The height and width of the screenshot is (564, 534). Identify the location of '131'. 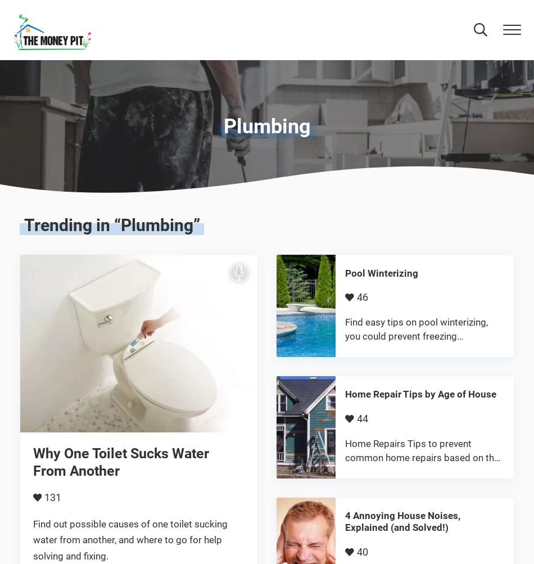
(43, 497).